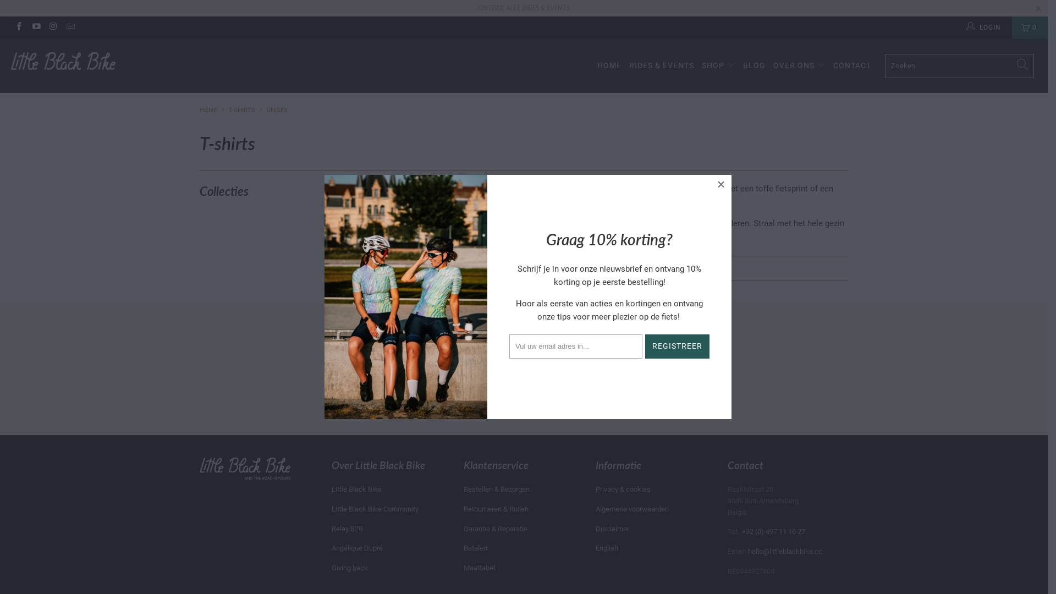 The height and width of the screenshot is (594, 1056). Describe the element at coordinates (772, 531) in the screenshot. I see `'+32 (0) 497 11 10 27'` at that location.